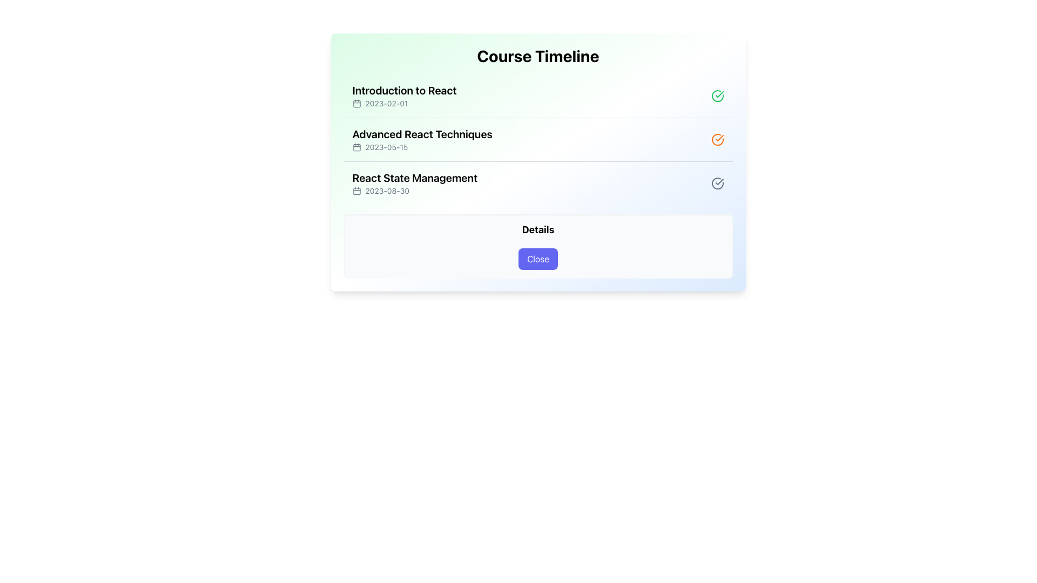 Image resolution: width=1037 pixels, height=583 pixels. I want to click on the state of the green checkmark icon located in the top-right corner of the interface, aligned with the 'Advanced React Techniques' item, so click(719, 93).